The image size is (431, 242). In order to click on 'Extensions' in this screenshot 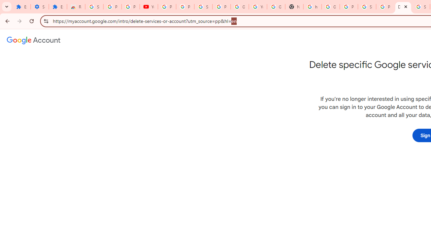, I will do `click(22, 7)`.